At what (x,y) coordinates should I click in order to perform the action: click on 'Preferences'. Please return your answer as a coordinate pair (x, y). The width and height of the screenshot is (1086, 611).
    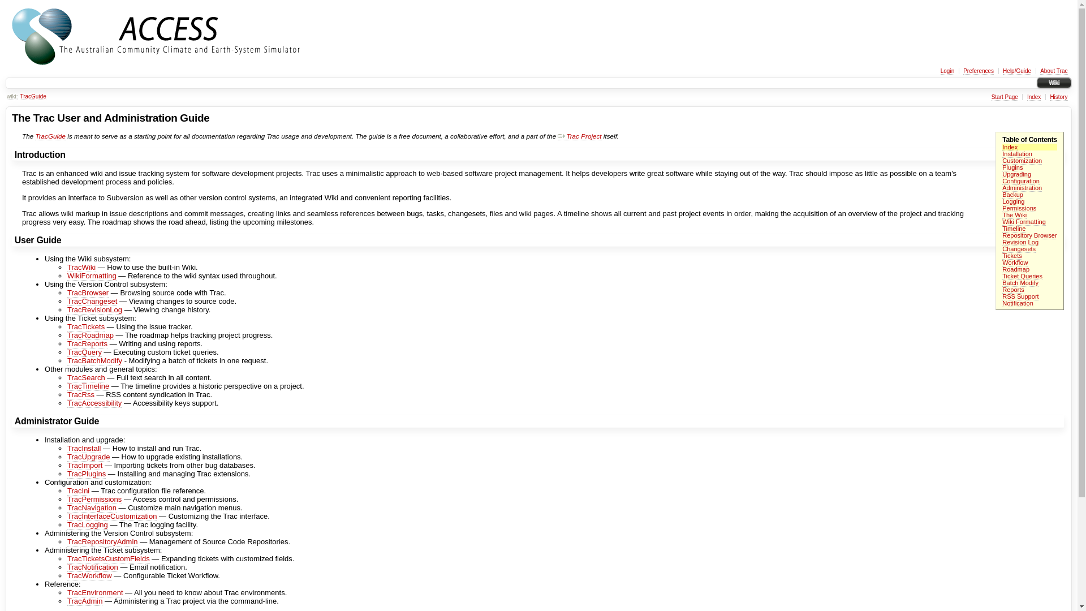
    Looking at the image, I should click on (977, 71).